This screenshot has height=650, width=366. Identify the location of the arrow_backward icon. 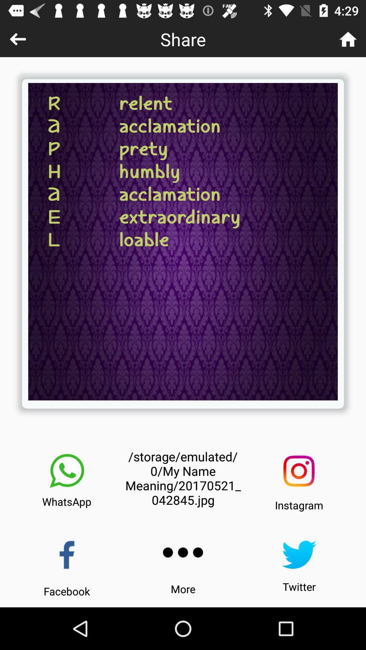
(17, 39).